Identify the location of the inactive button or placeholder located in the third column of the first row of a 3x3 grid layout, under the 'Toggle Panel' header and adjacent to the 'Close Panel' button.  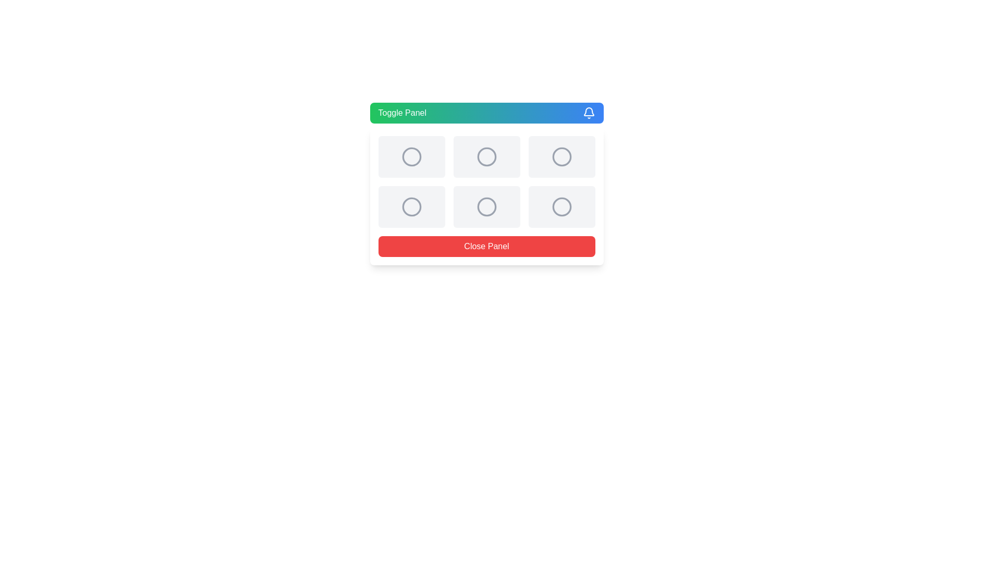
(561, 156).